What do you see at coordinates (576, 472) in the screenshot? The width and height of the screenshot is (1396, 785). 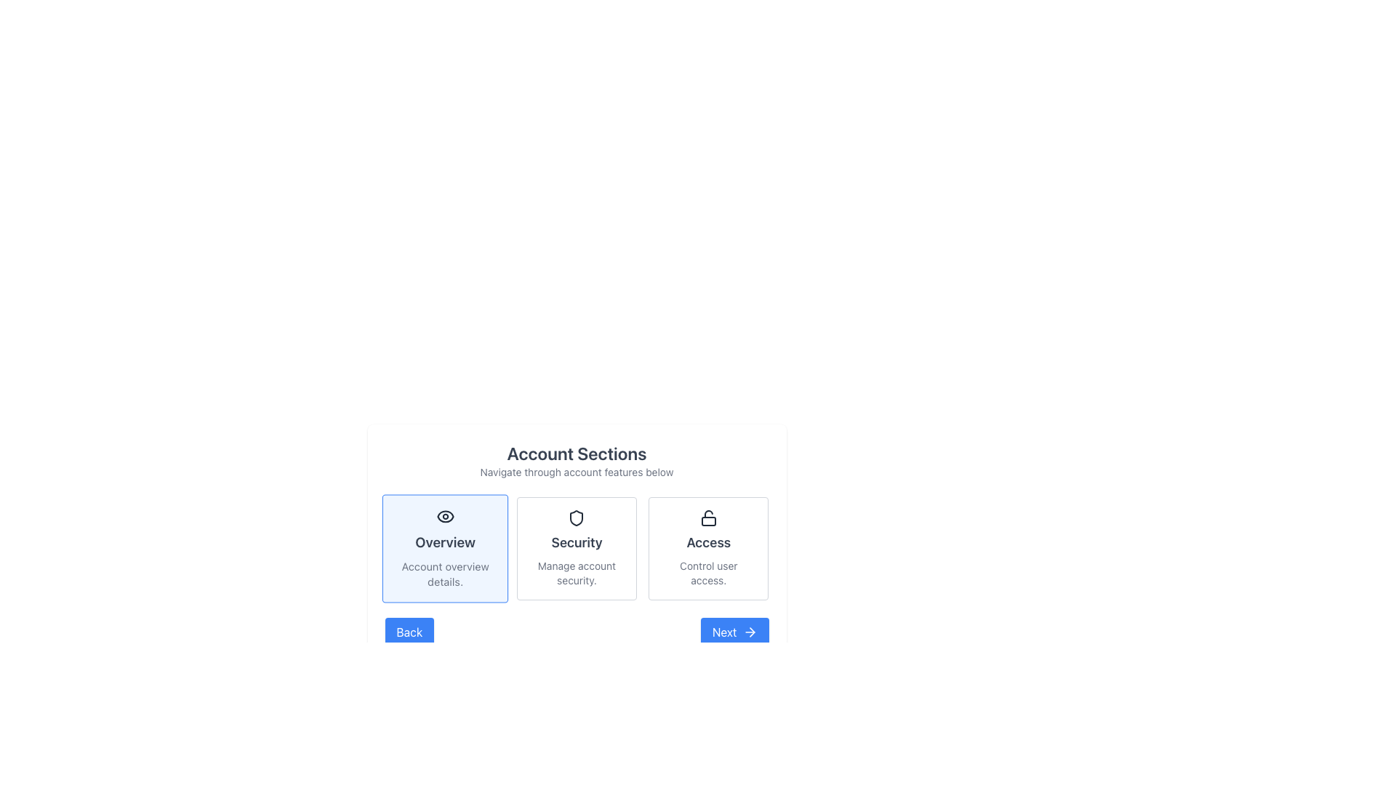 I see `the static text label that provides guidance about the section's purpose, positioned under 'Account Sections' and above the buttons 'Overview', 'Security', and 'Access'` at bounding box center [576, 472].